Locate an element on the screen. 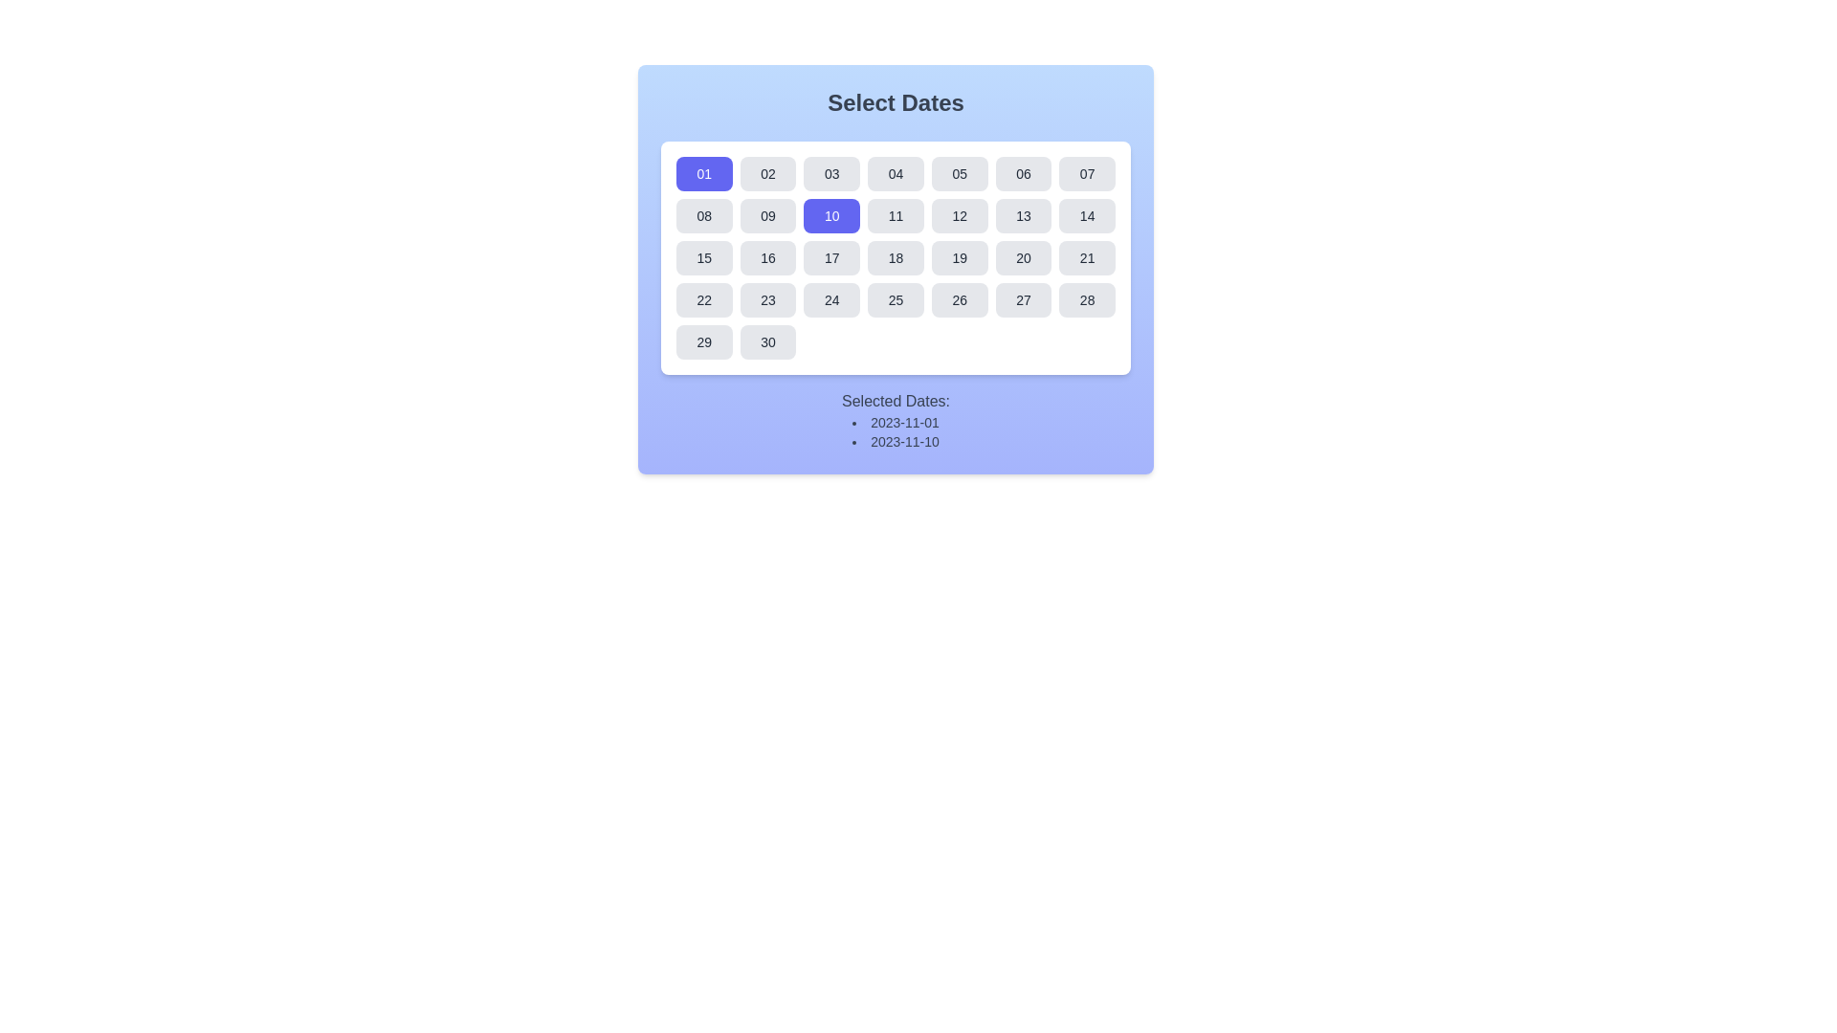 The height and width of the screenshot is (1033, 1837). the button displaying '25' in the calendar grid, located in the fifth column and fourth row is located at coordinates (895, 299).